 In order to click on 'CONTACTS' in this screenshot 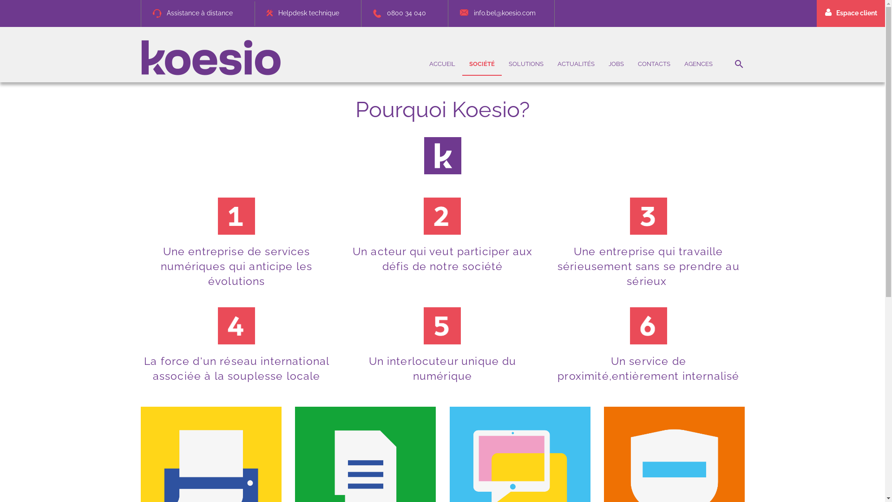, I will do `click(653, 64)`.